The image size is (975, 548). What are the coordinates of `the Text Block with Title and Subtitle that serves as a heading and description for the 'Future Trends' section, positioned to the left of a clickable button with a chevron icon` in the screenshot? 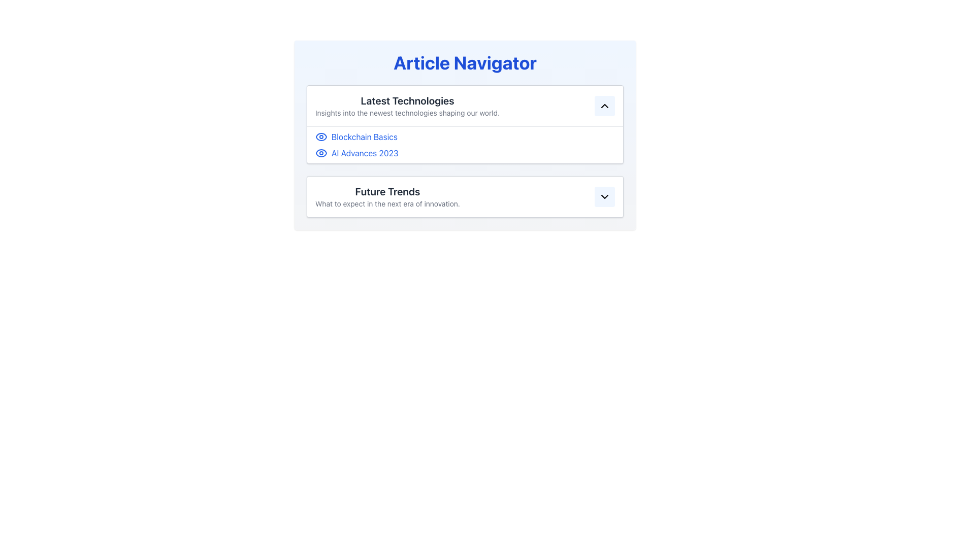 It's located at (387, 197).